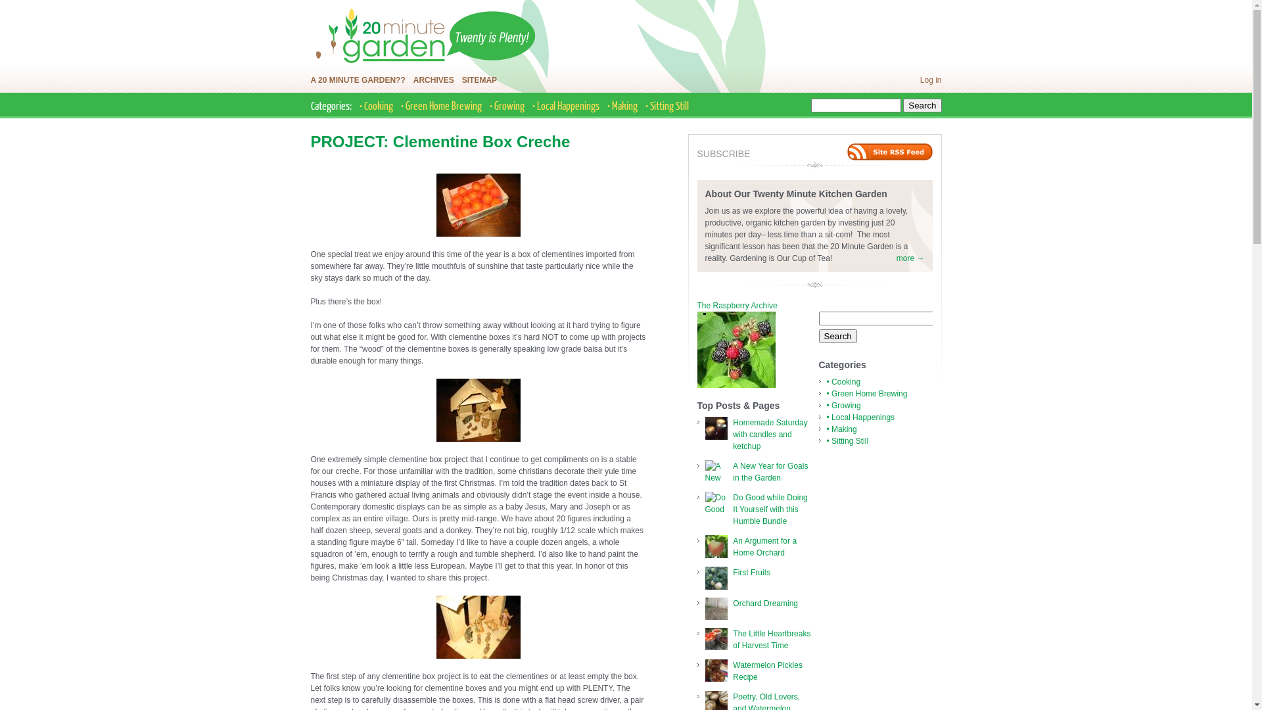 The height and width of the screenshot is (710, 1262). I want to click on 'Log in', so click(930, 80).